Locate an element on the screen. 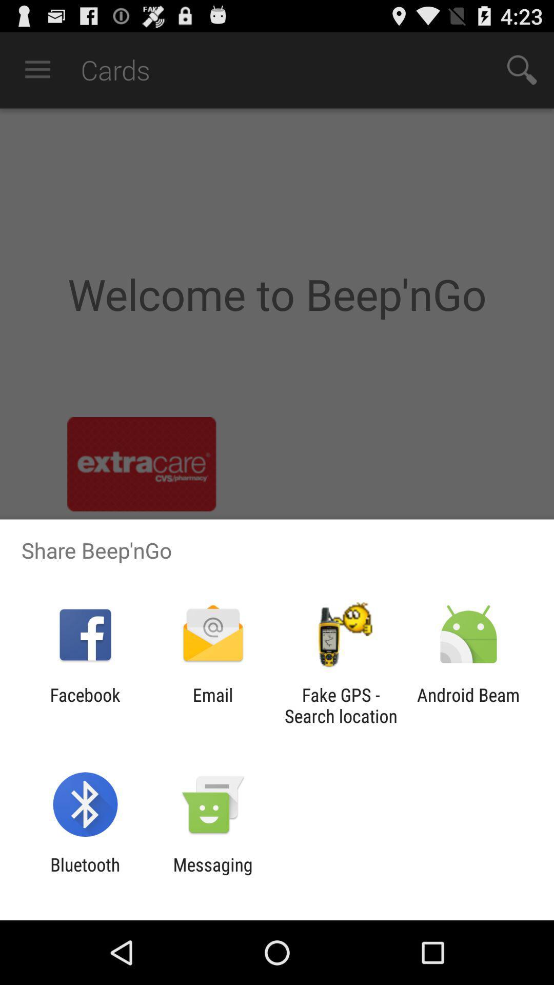 The image size is (554, 985). android beam icon is located at coordinates (468, 705).